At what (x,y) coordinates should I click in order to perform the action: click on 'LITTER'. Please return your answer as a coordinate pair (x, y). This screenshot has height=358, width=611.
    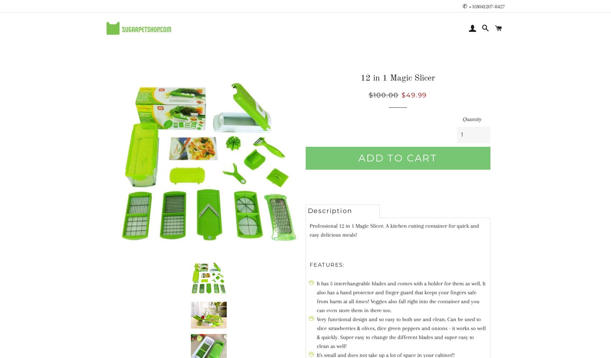
    Looking at the image, I should click on (246, 94).